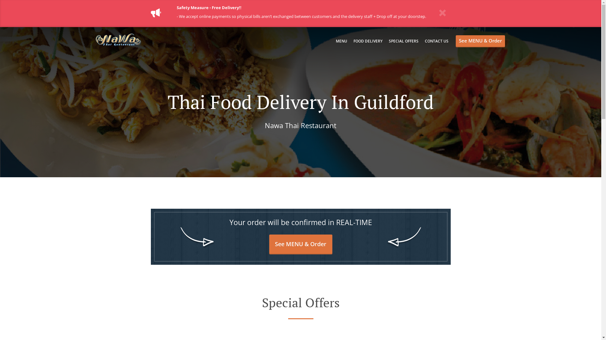 The image size is (606, 340). I want to click on 'FOOD DELIVERY', so click(368, 41).